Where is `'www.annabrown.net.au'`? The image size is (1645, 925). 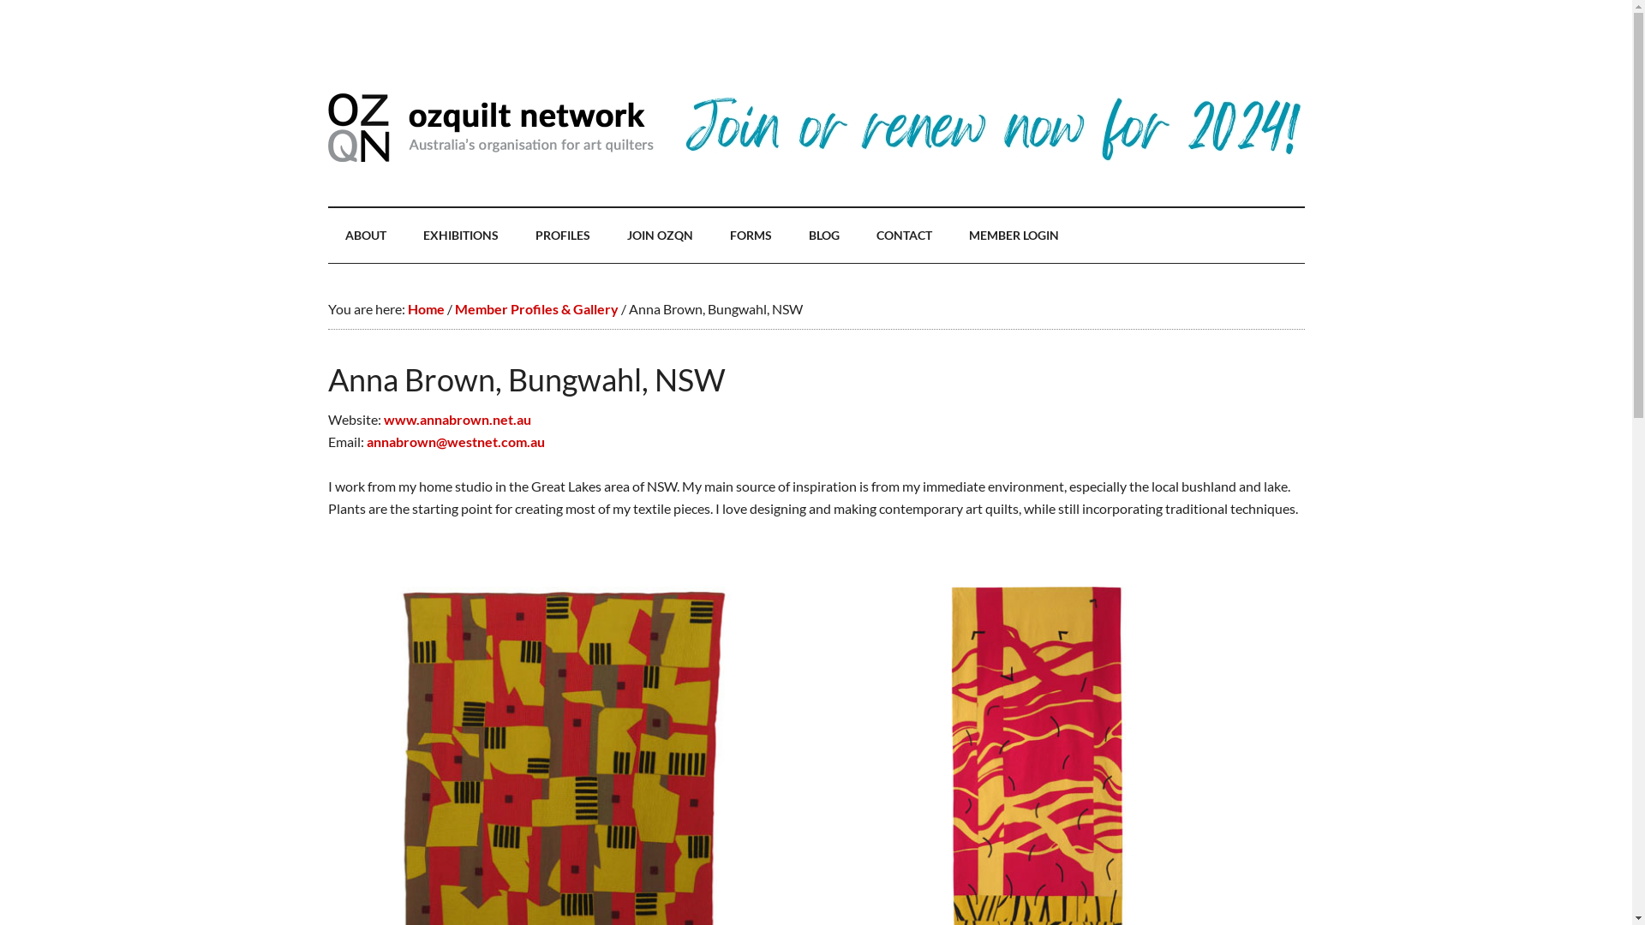 'www.annabrown.net.au' is located at coordinates (457, 419).